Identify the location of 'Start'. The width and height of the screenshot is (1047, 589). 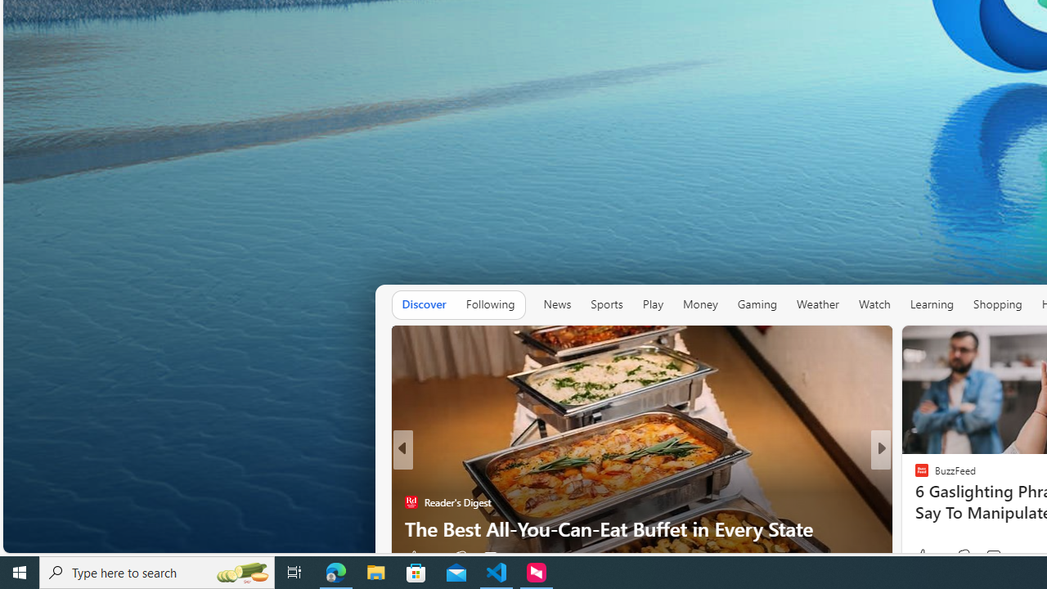
(20, 571).